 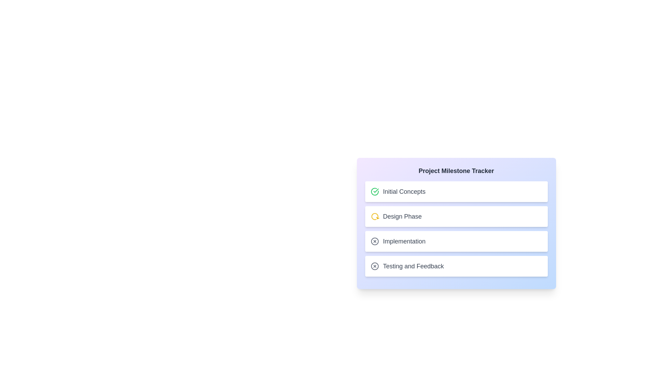 What do you see at coordinates (398, 192) in the screenshot?
I see `the 'Initial Concepts' milestone text or green check icon in the Project Milestone Tracker card, which is the first item in the vertical list` at bounding box center [398, 192].